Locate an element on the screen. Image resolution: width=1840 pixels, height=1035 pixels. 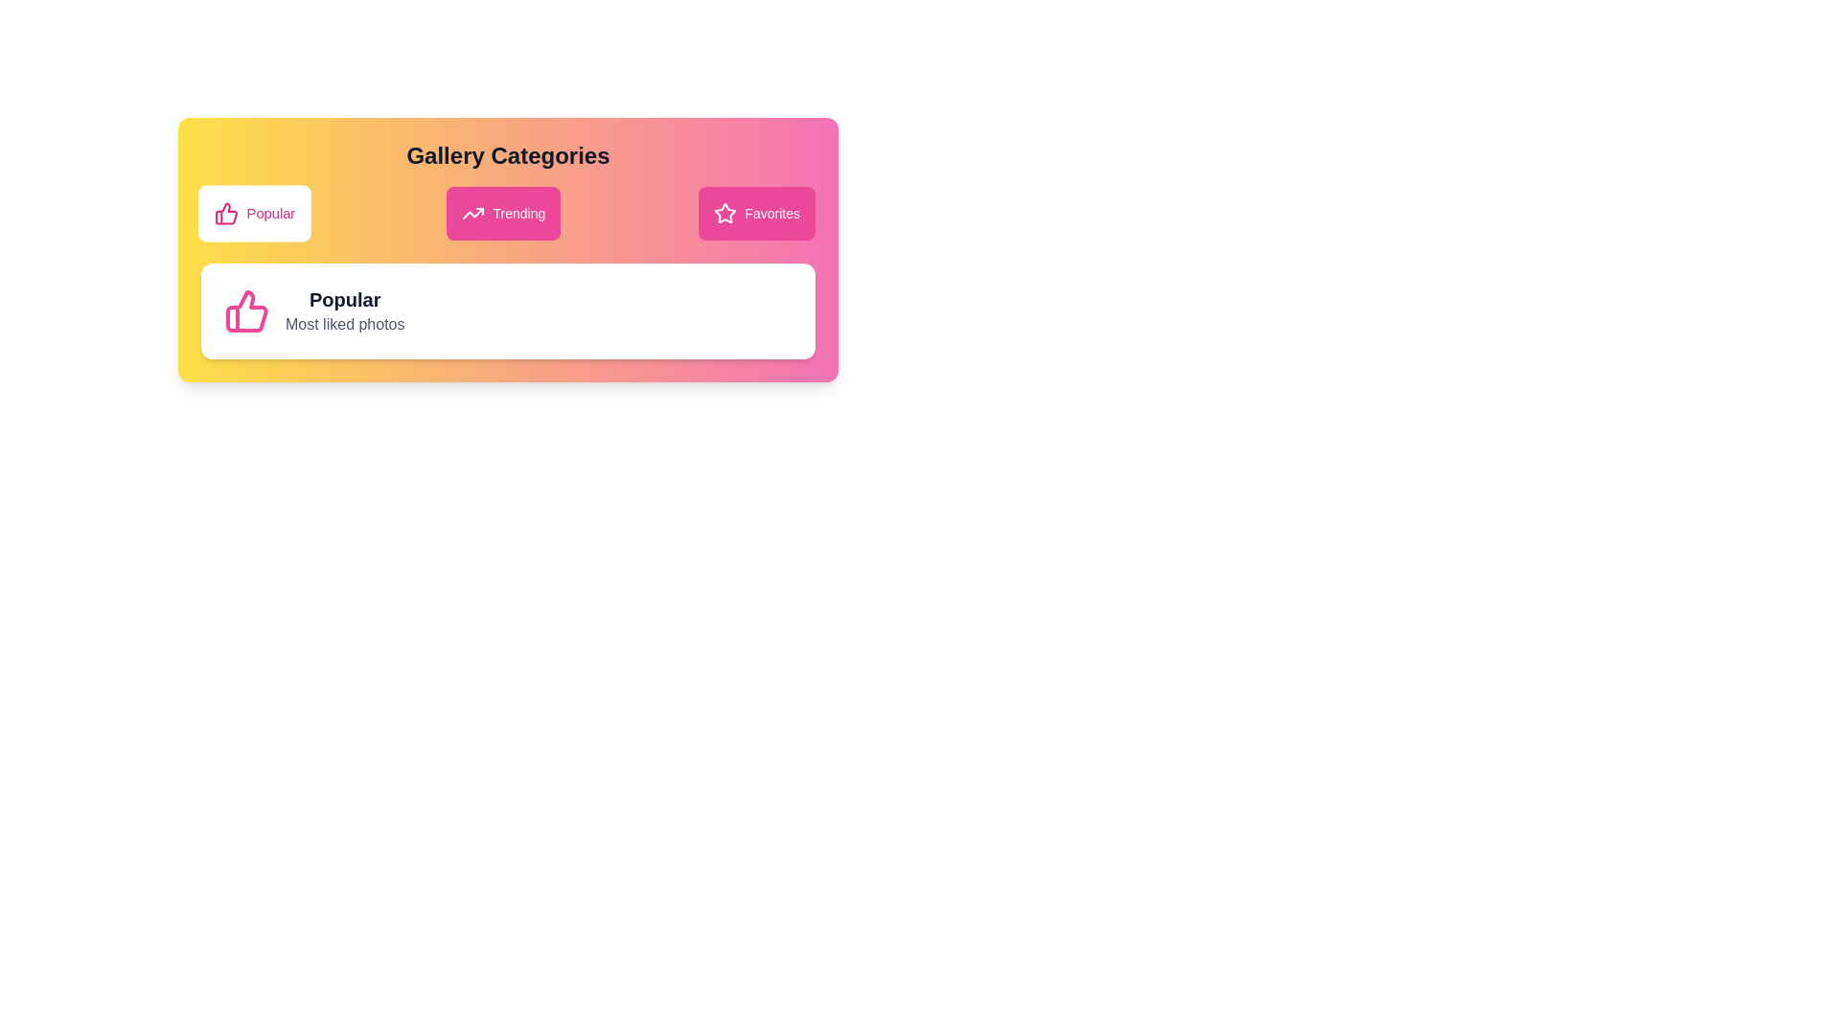
the icon within the 'Trending' button is located at coordinates (473, 214).